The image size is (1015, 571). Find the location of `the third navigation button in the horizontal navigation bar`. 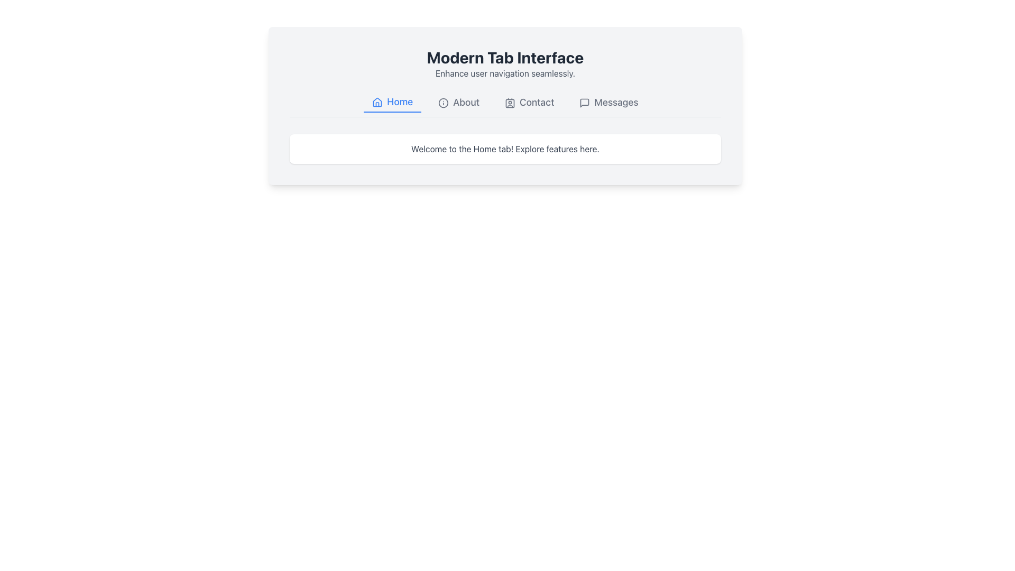

the third navigation button in the horizontal navigation bar is located at coordinates (529, 102).